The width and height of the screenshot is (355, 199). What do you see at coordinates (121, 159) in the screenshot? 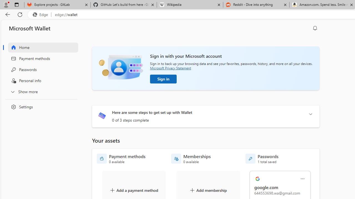
I see `'Payment methods - 0 available'` at bounding box center [121, 159].